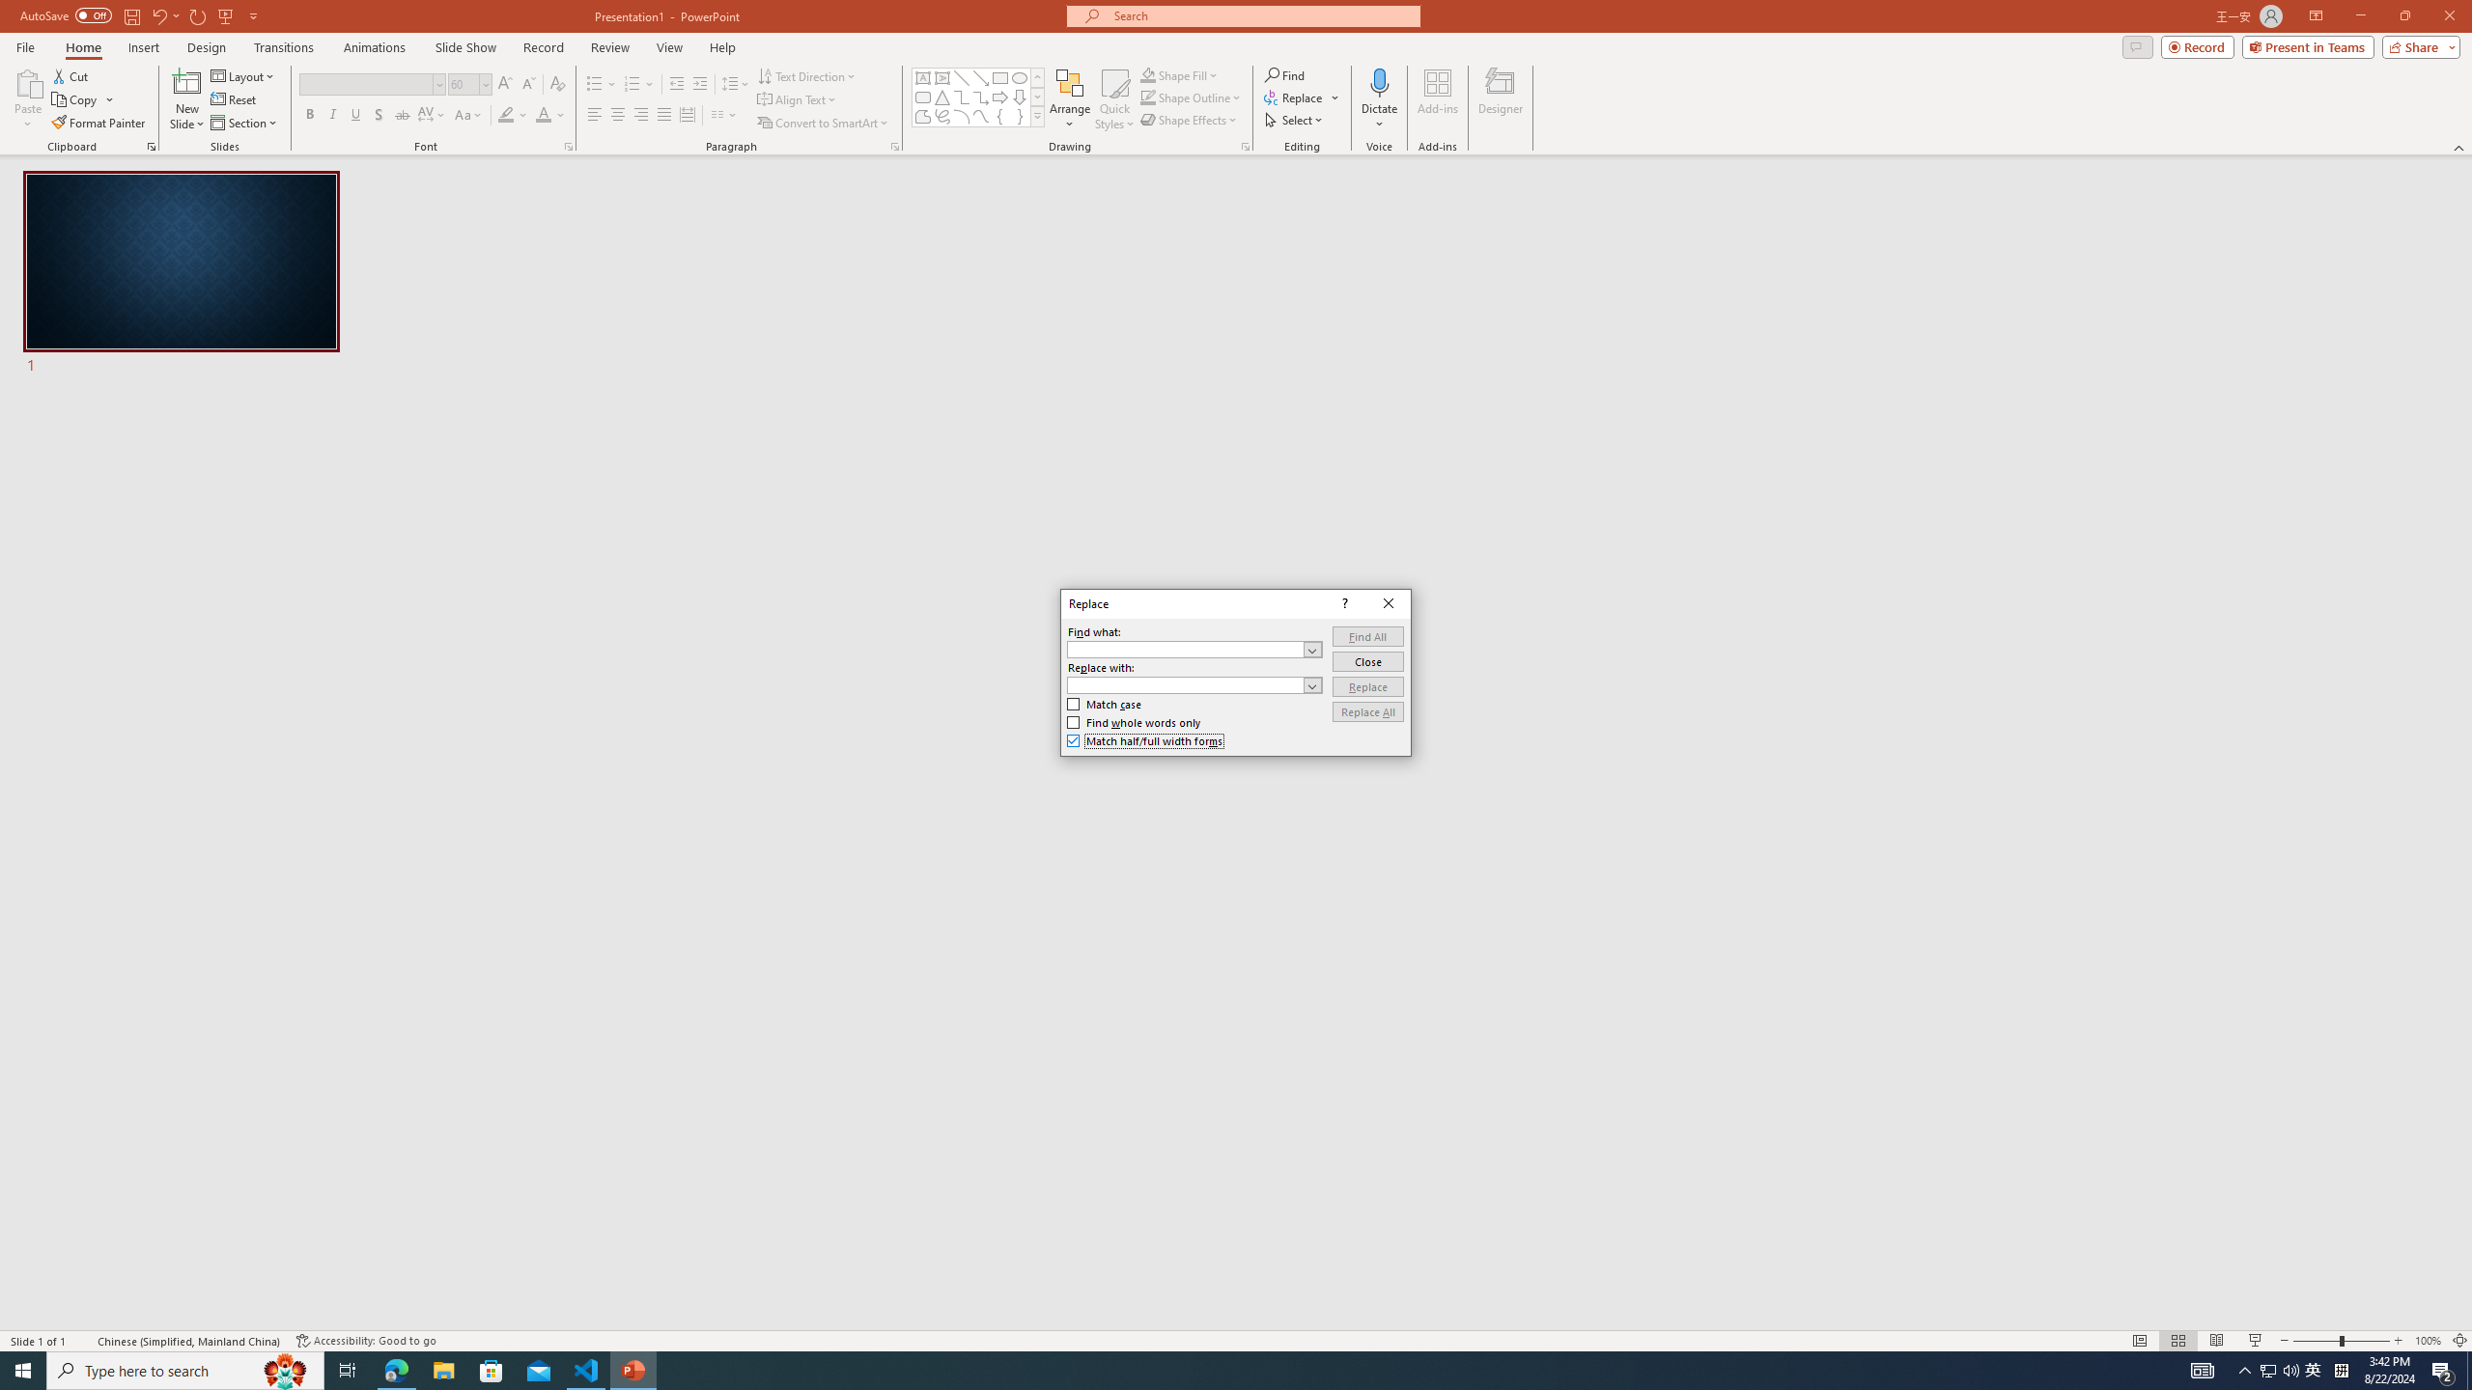  I want to click on 'Match half/full width forms', so click(1145, 740).